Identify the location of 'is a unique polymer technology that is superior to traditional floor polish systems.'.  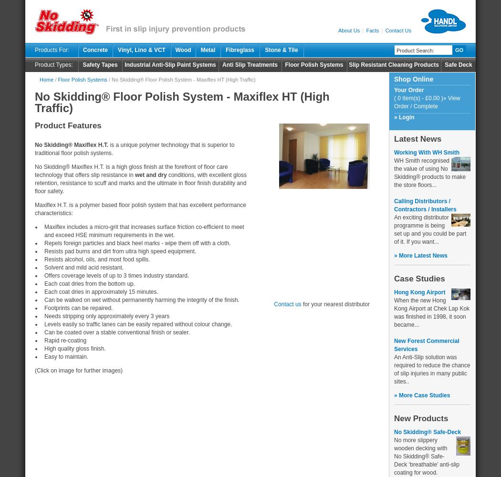
(34, 149).